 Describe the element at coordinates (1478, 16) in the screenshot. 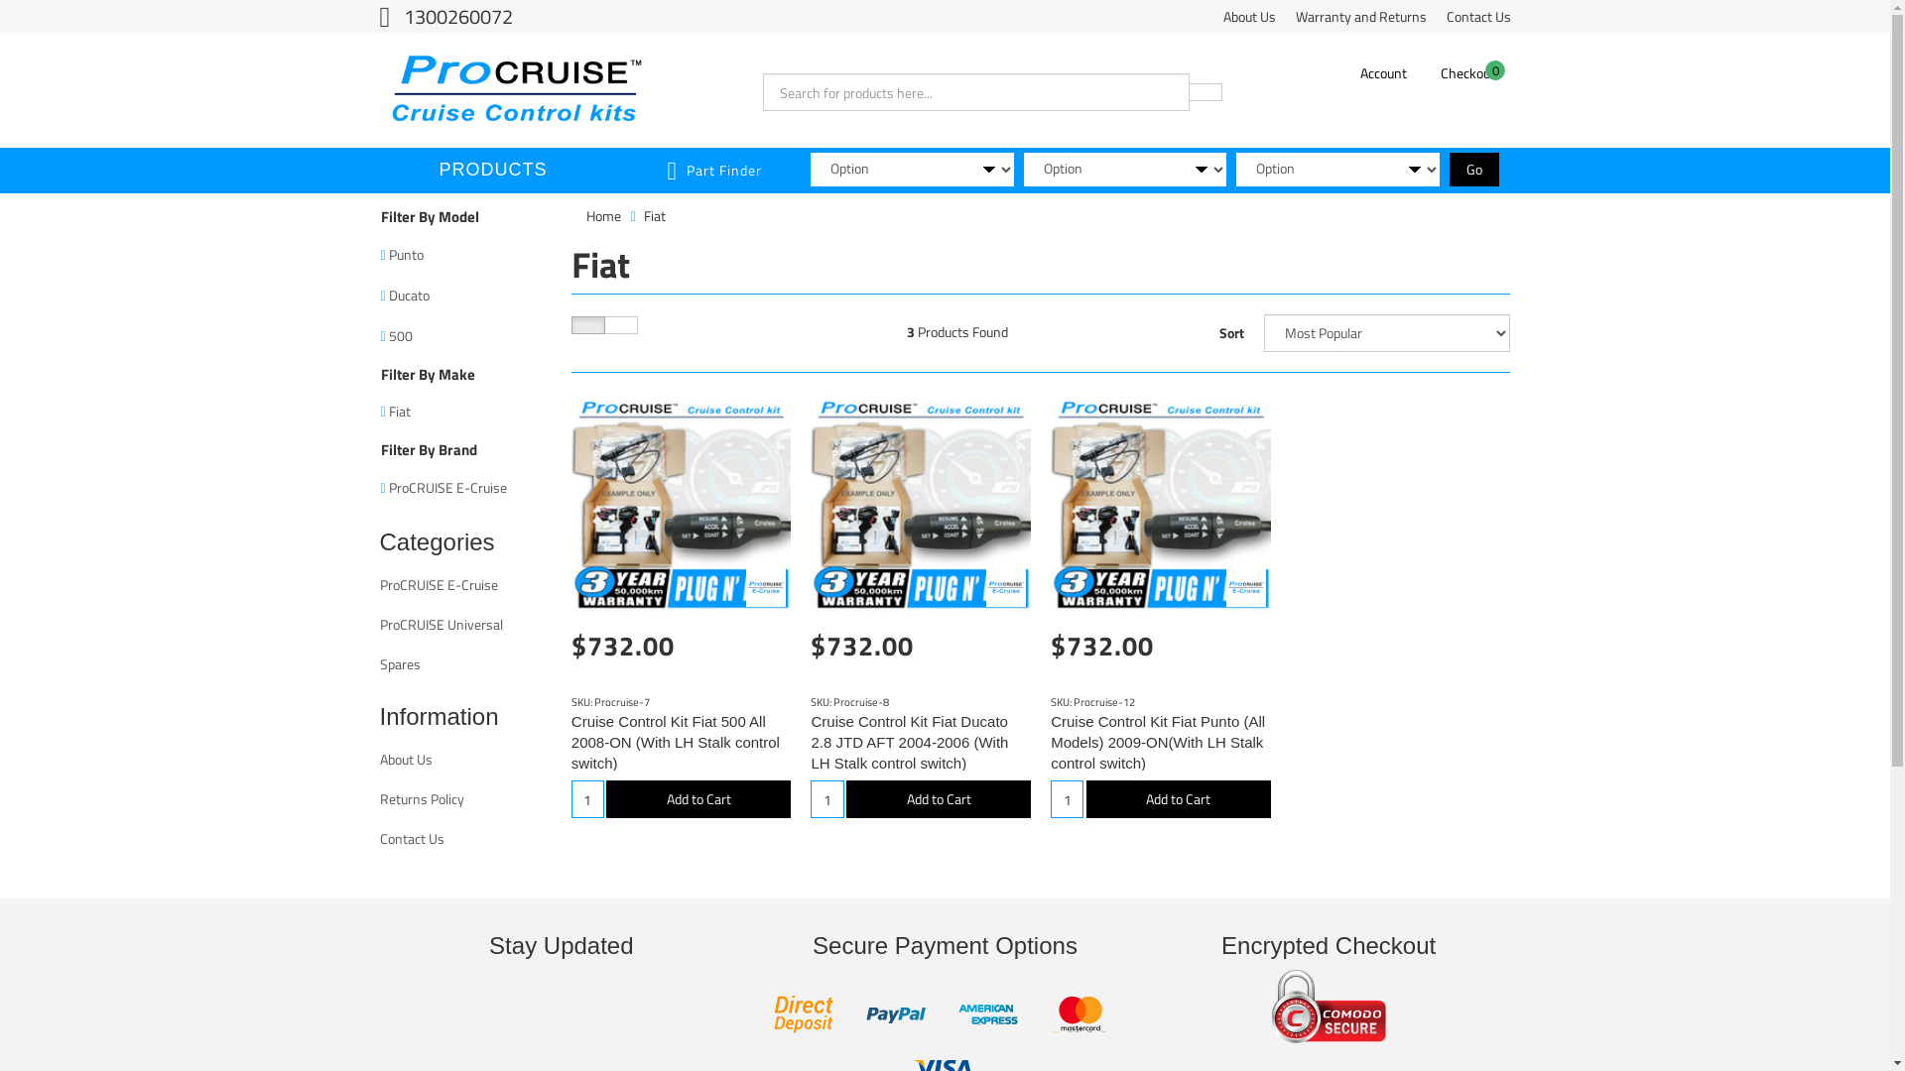

I see `'Contact Us'` at that location.